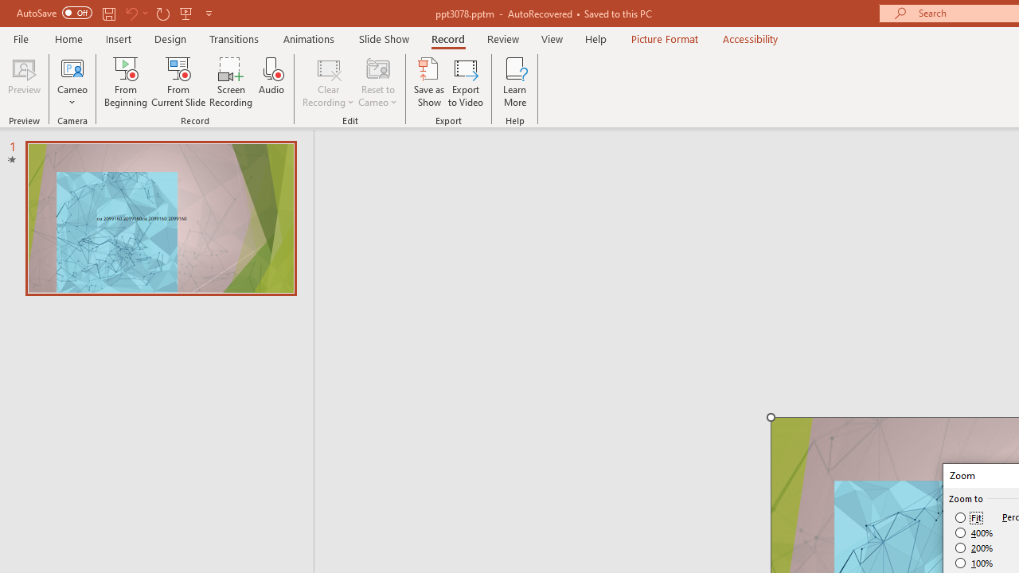  What do you see at coordinates (72, 67) in the screenshot?
I see `'Cameo'` at bounding box center [72, 67].